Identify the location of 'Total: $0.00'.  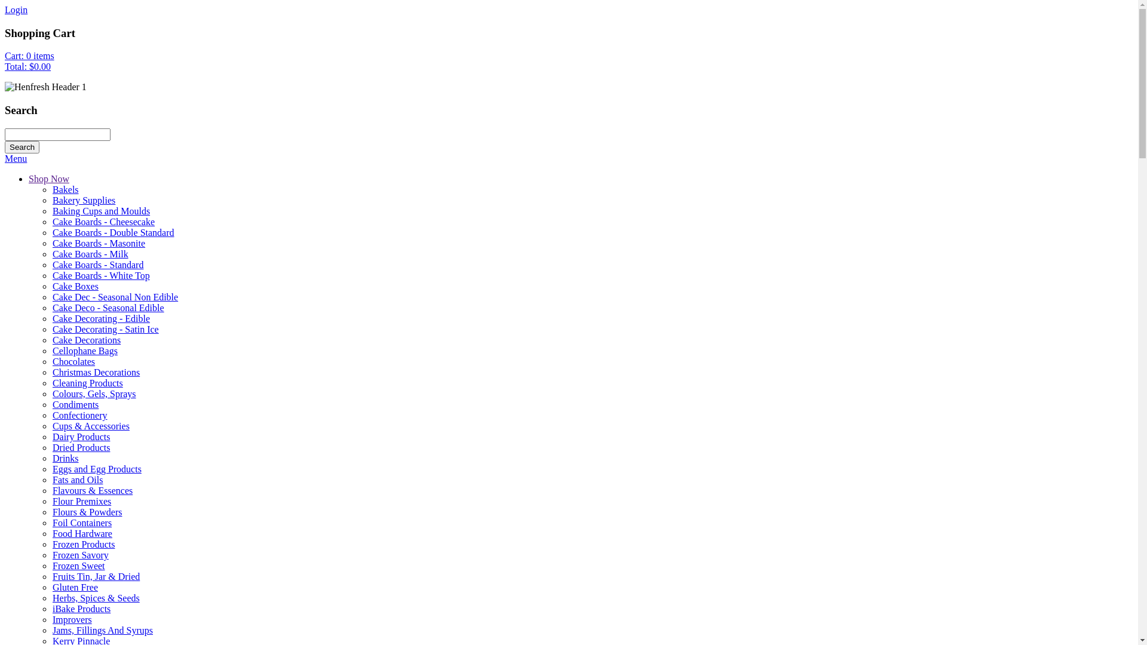
(27, 66).